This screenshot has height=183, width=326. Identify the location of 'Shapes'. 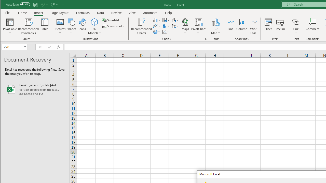
(71, 26).